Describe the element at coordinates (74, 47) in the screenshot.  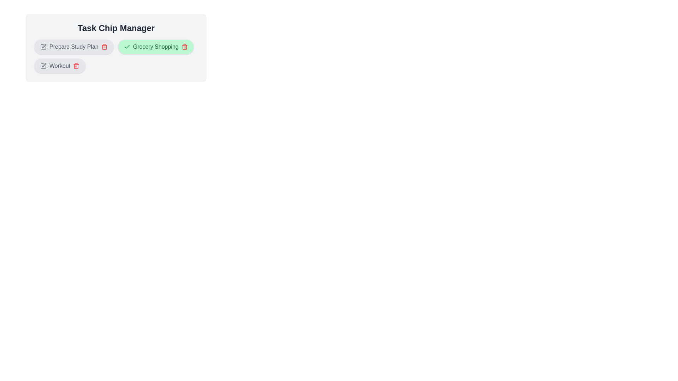
I see `the 'Prepare Study Plan' button, which is a rectangular button with rounded edges, styled in light gray, containing an edit icon and a delete icon, to observe its hover effects` at that location.